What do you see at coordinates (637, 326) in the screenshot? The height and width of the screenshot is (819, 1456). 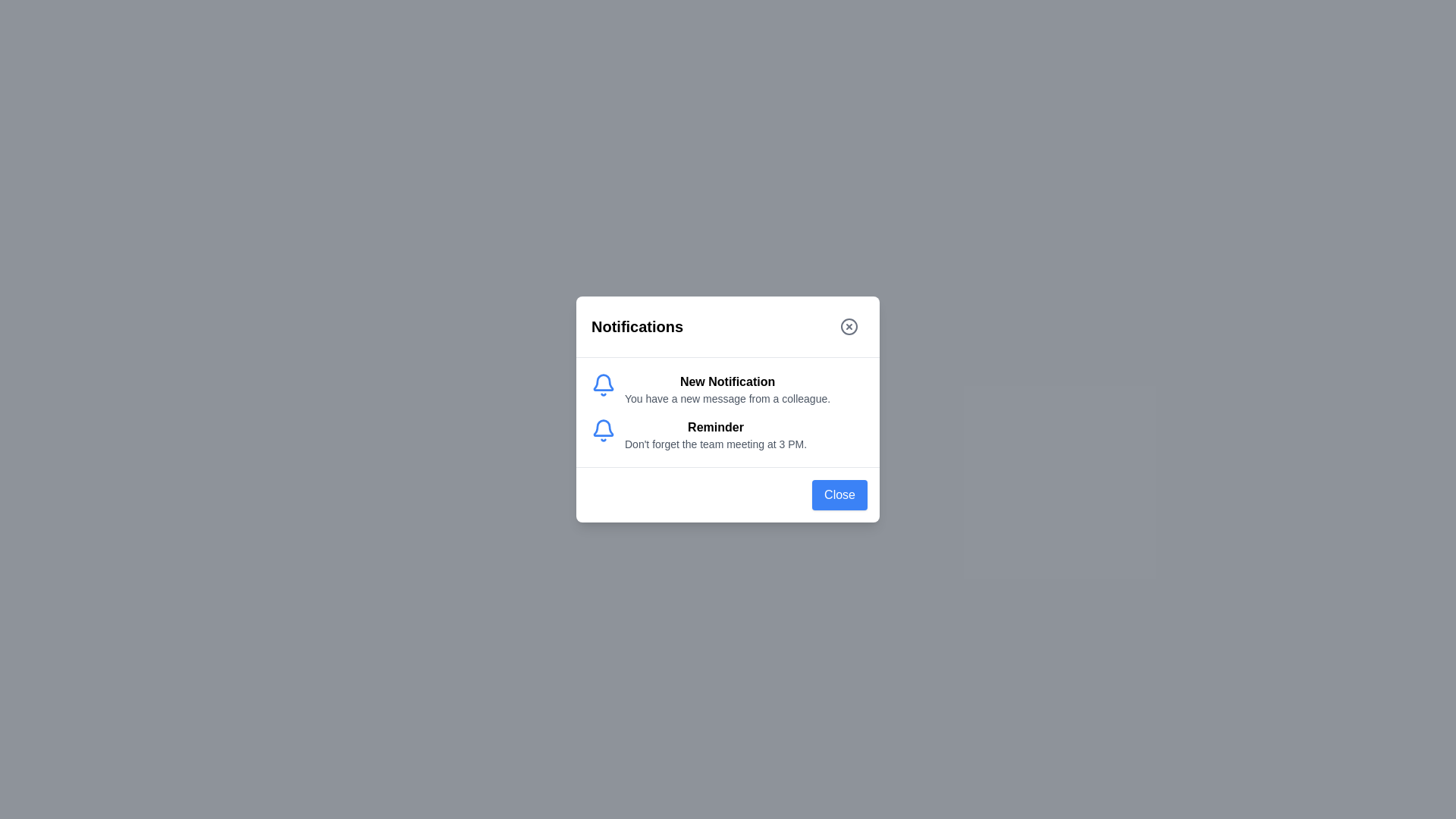 I see `the bold, black text label displaying 'Notifications' located in the header section of the modal dialog box` at bounding box center [637, 326].